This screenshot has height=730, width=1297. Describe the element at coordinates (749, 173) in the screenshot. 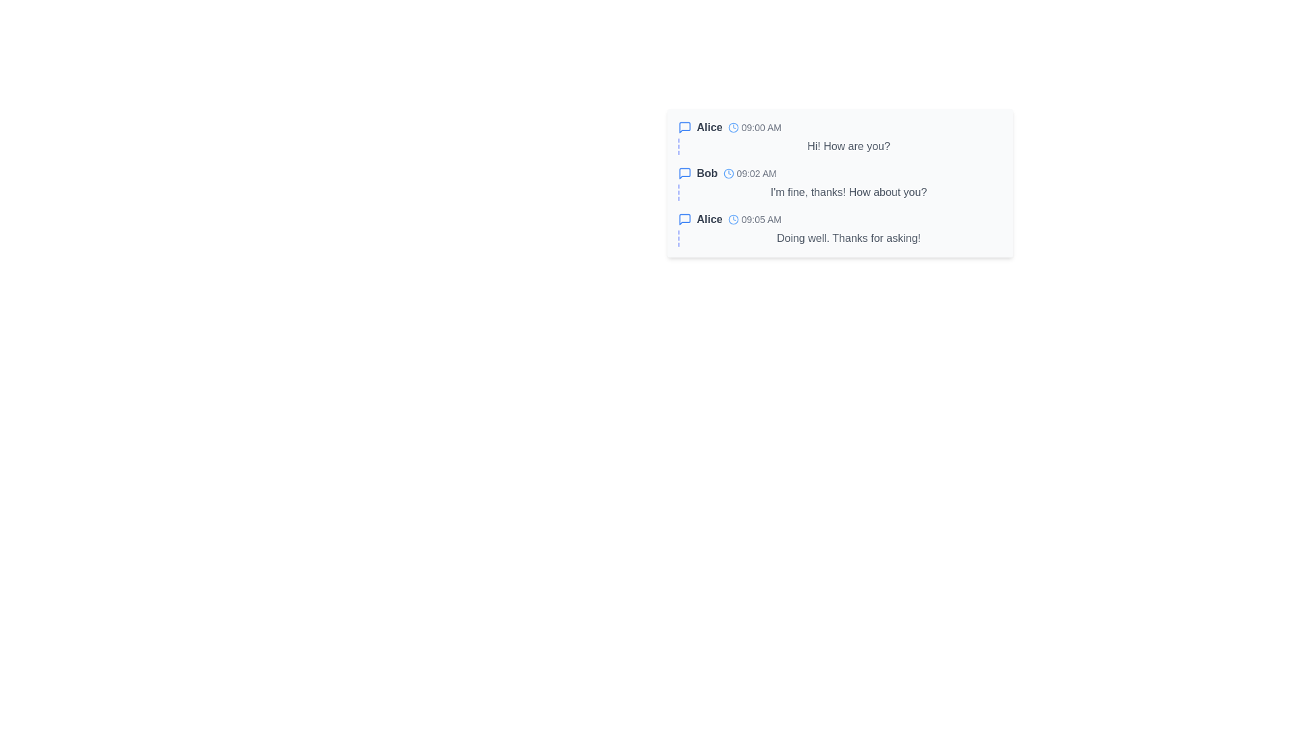

I see `the Text Label with Icon that displays the timestamp of Bob's message, located in the second message from the top` at that location.